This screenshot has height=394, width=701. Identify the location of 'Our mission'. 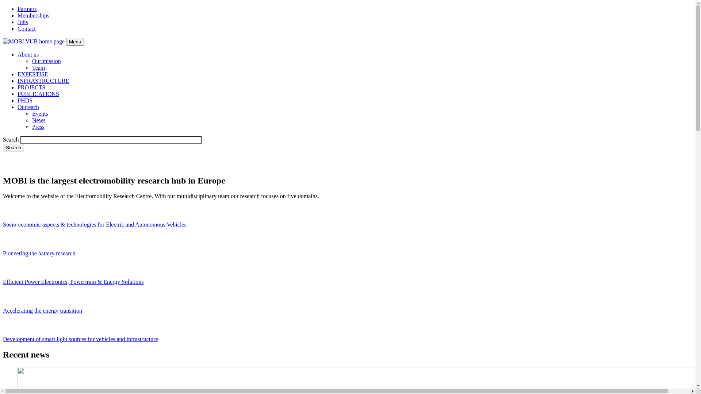
(46, 61).